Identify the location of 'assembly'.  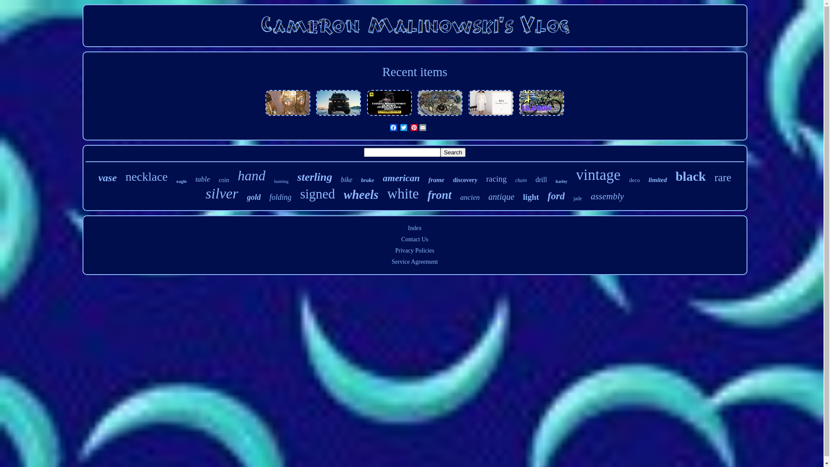
(607, 196).